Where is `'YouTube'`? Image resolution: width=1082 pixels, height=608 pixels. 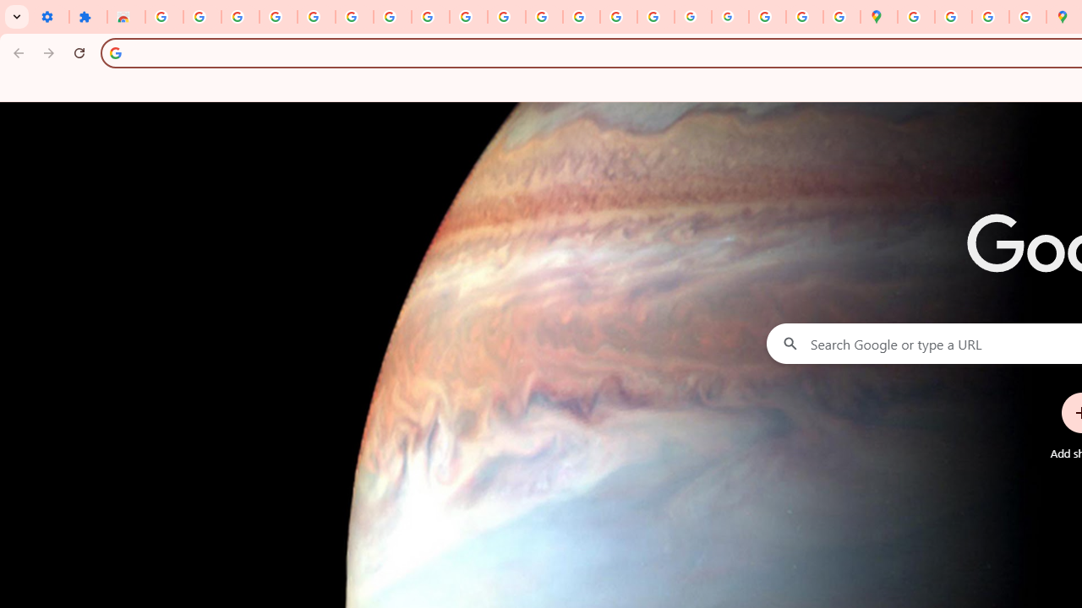 'YouTube' is located at coordinates (468, 17).